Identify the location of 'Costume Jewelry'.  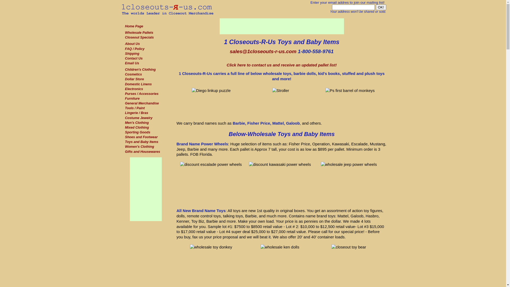
(125, 117).